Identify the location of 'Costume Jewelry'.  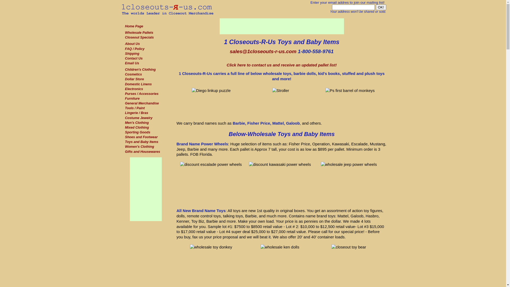
(125, 117).